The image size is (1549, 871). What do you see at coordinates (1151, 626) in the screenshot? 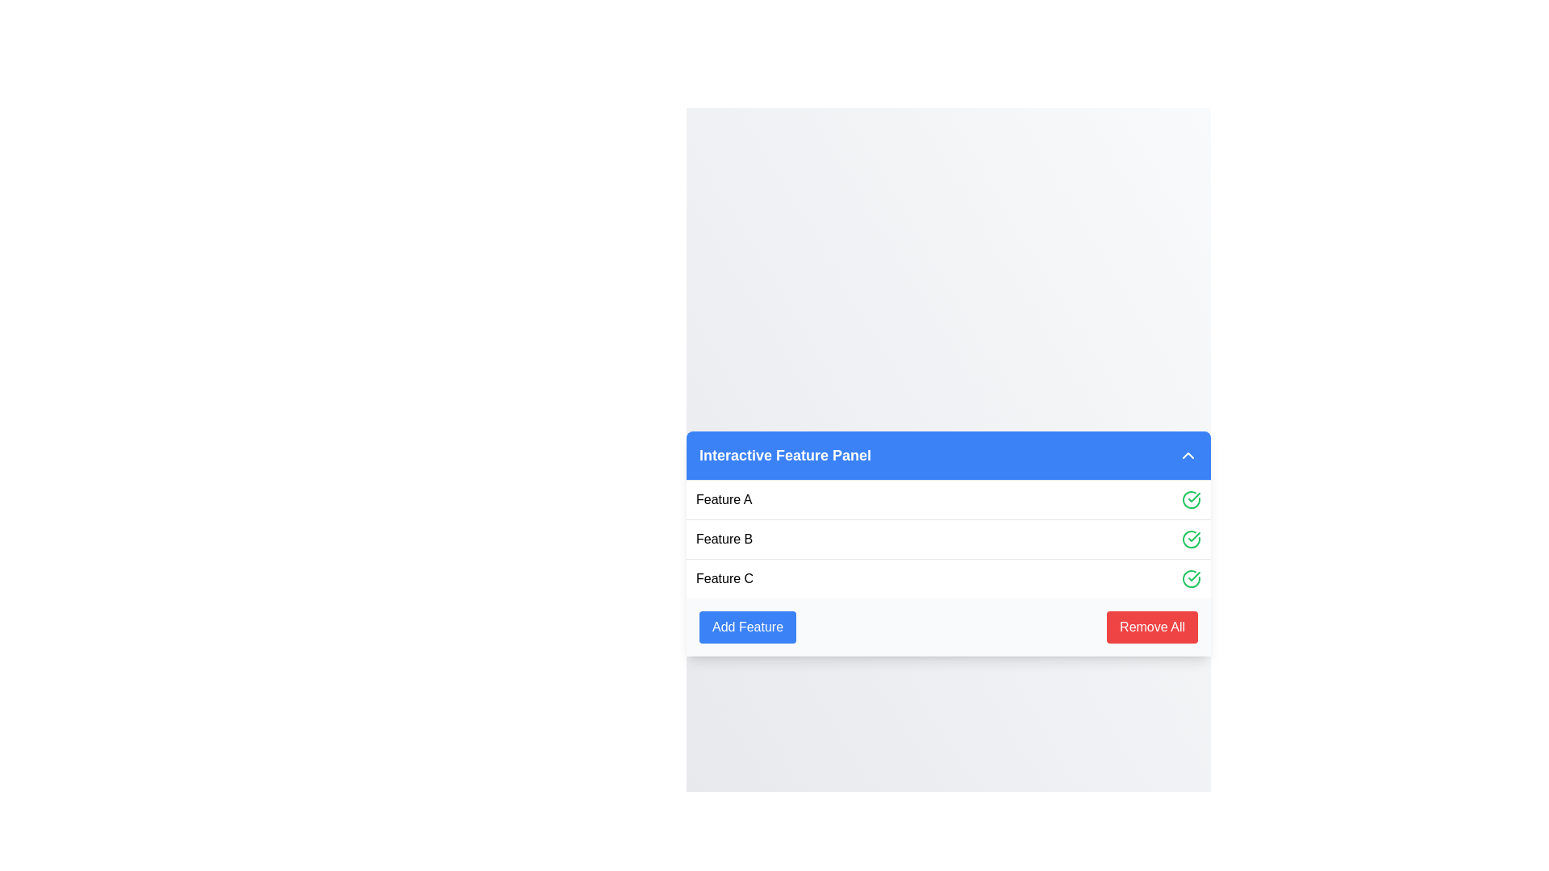
I see `the rectangular button with a red background and white text reading 'Remove All' to observe the hover effect` at bounding box center [1151, 626].